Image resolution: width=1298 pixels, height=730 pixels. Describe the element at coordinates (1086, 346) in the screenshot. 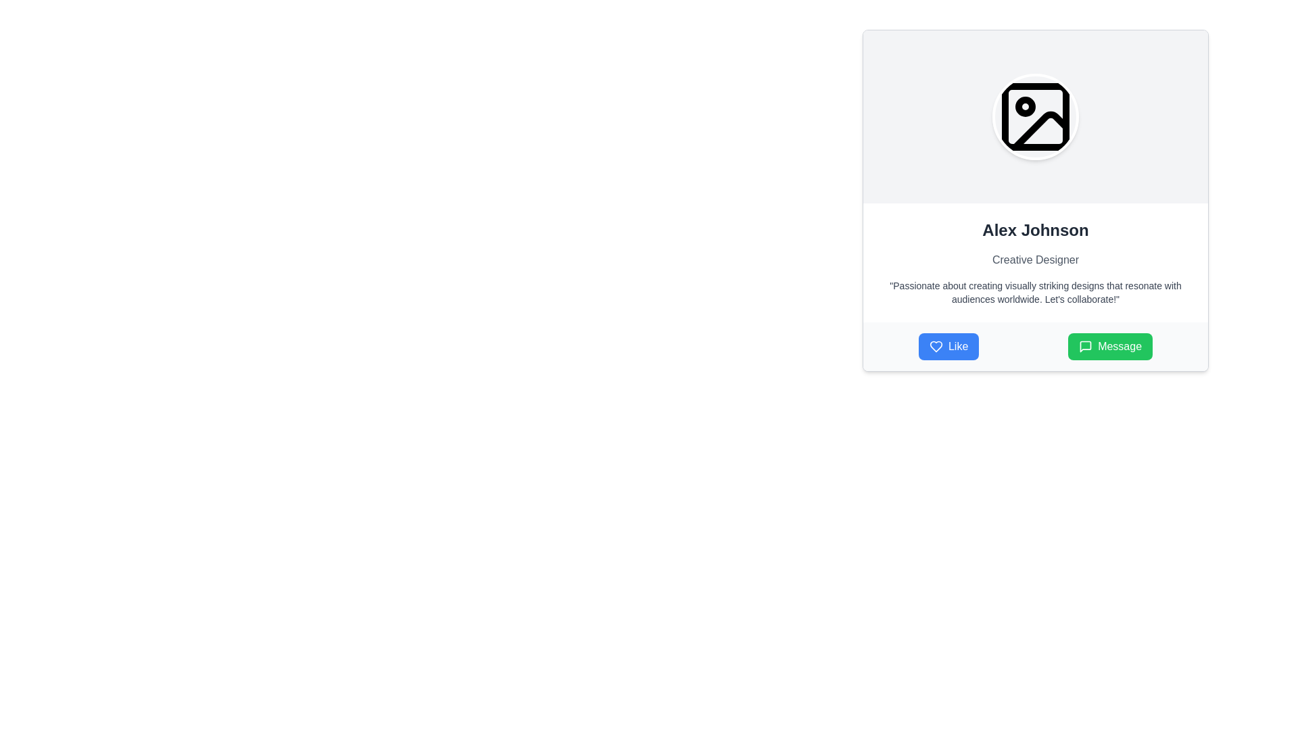

I see `the visual representation of the messaging icon located inside the green 'Message' button at the bottom-right section of the user profile card` at that location.